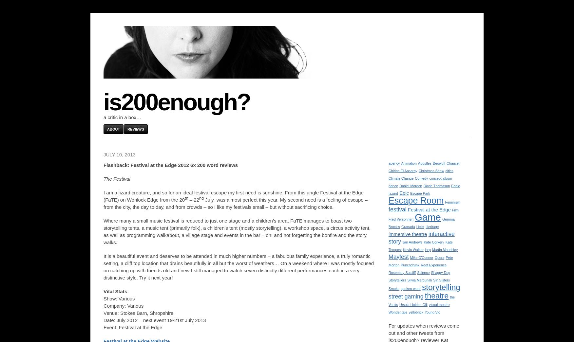 The height and width of the screenshot is (342, 574). I want to click on 'Heist', so click(416, 227).